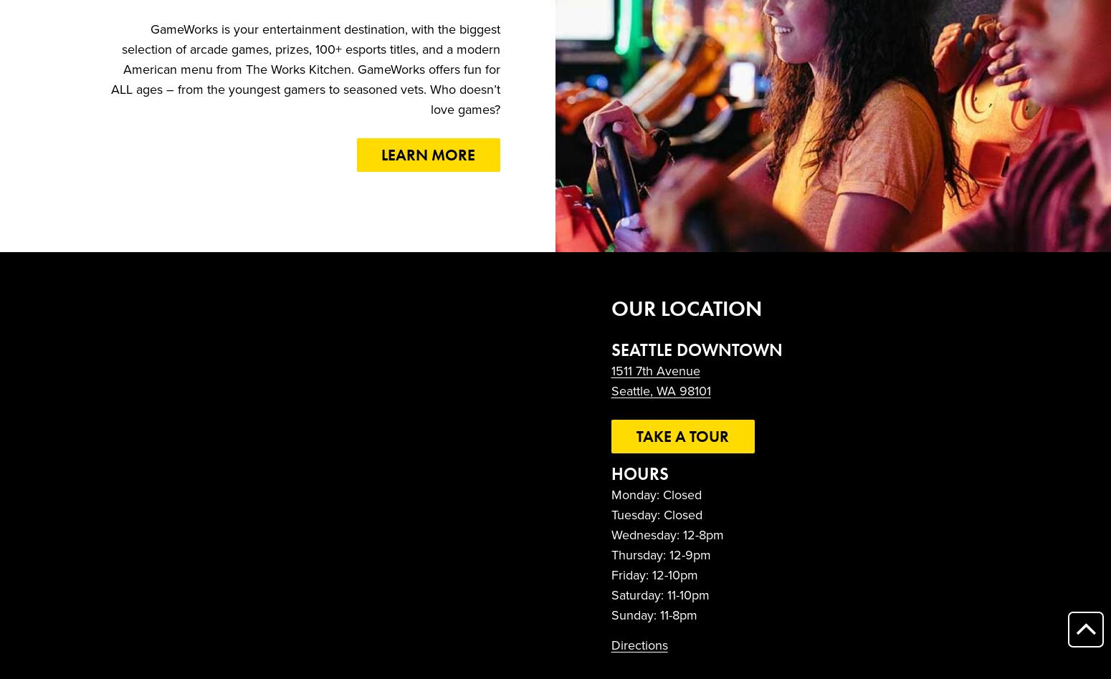  I want to click on 'GameWorks is your entertainment destination, with the biggest selection of arcade games, prizes, 100+ esports titles, and a modern American menu from The Works Kitchen. GameWorks offers fun for ALL ages – from the youngest gamers to seasoned vets. Who doesn’t love games?', so click(305, 69).